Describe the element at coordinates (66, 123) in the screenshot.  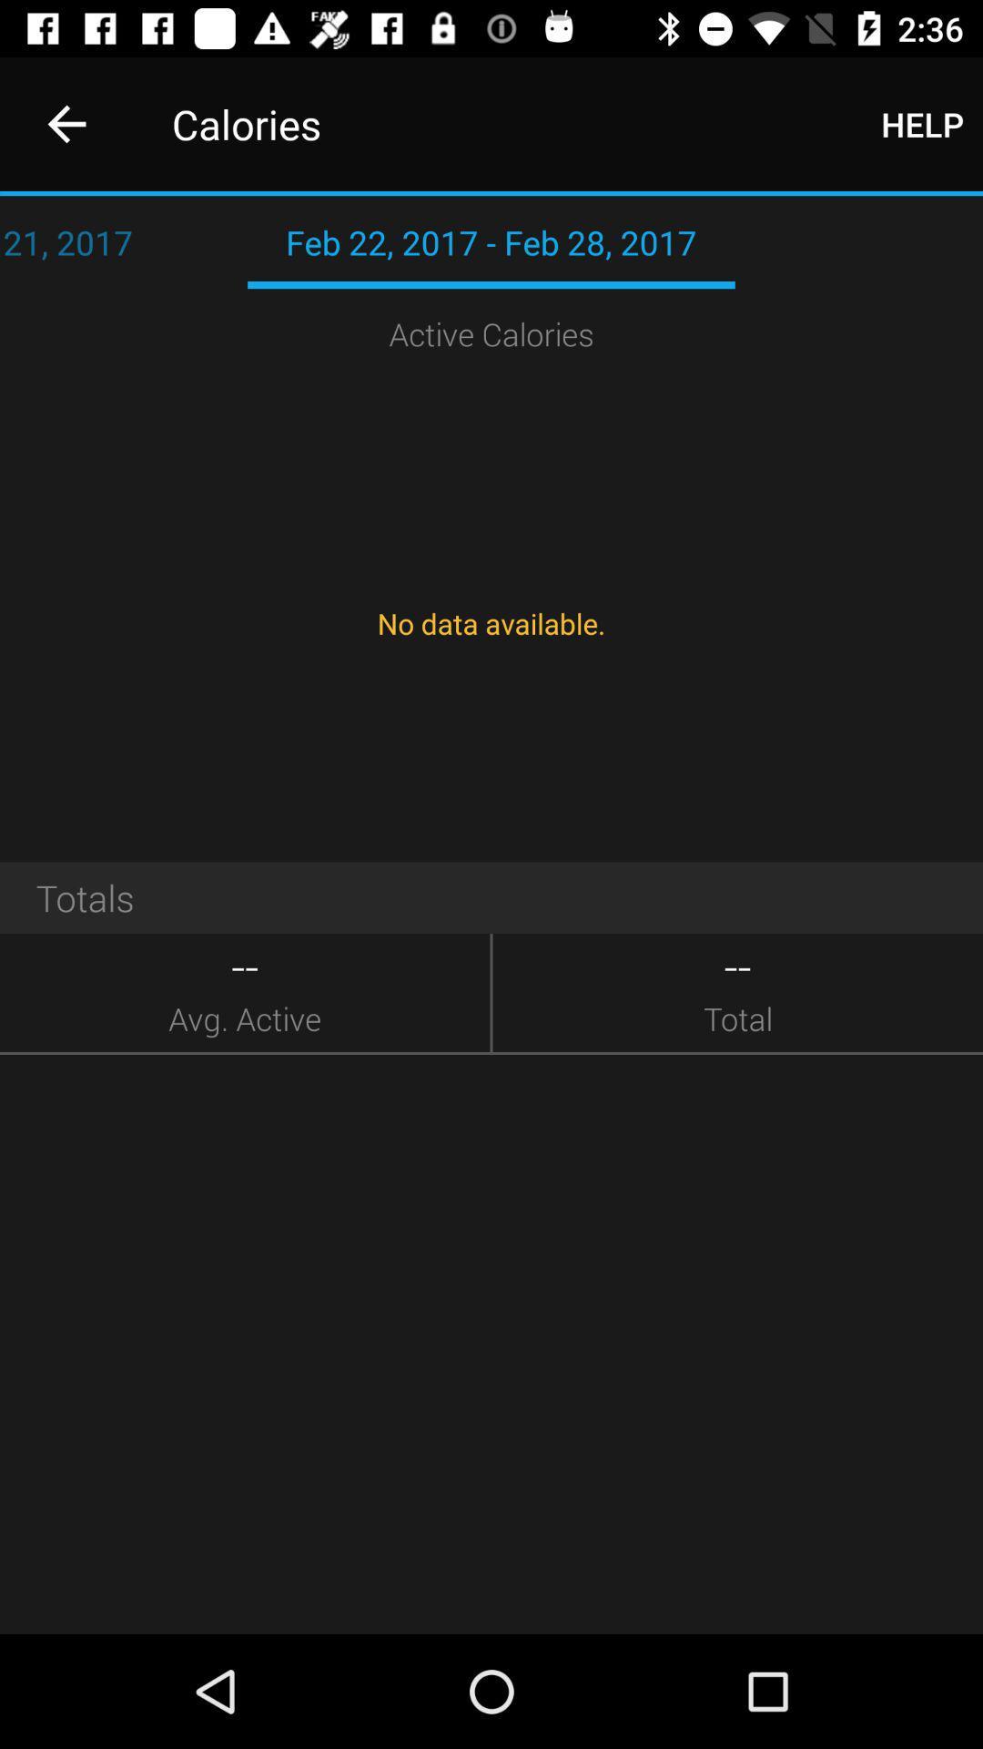
I see `the item next to the calories` at that location.